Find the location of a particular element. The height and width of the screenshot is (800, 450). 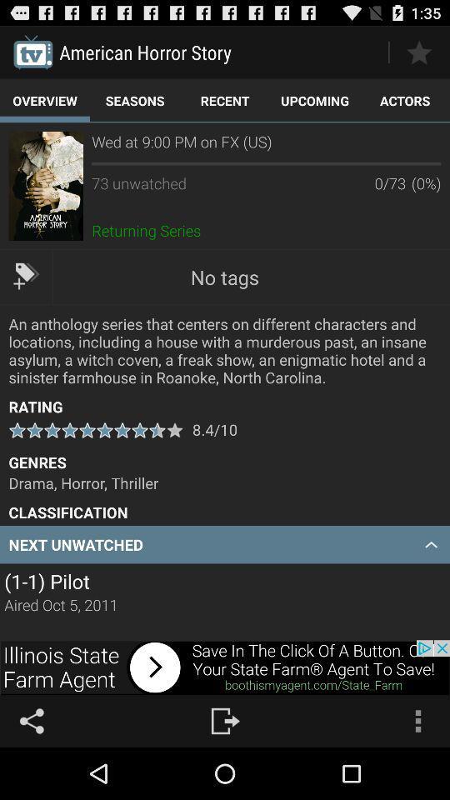

fair vote is located at coordinates (418, 52).